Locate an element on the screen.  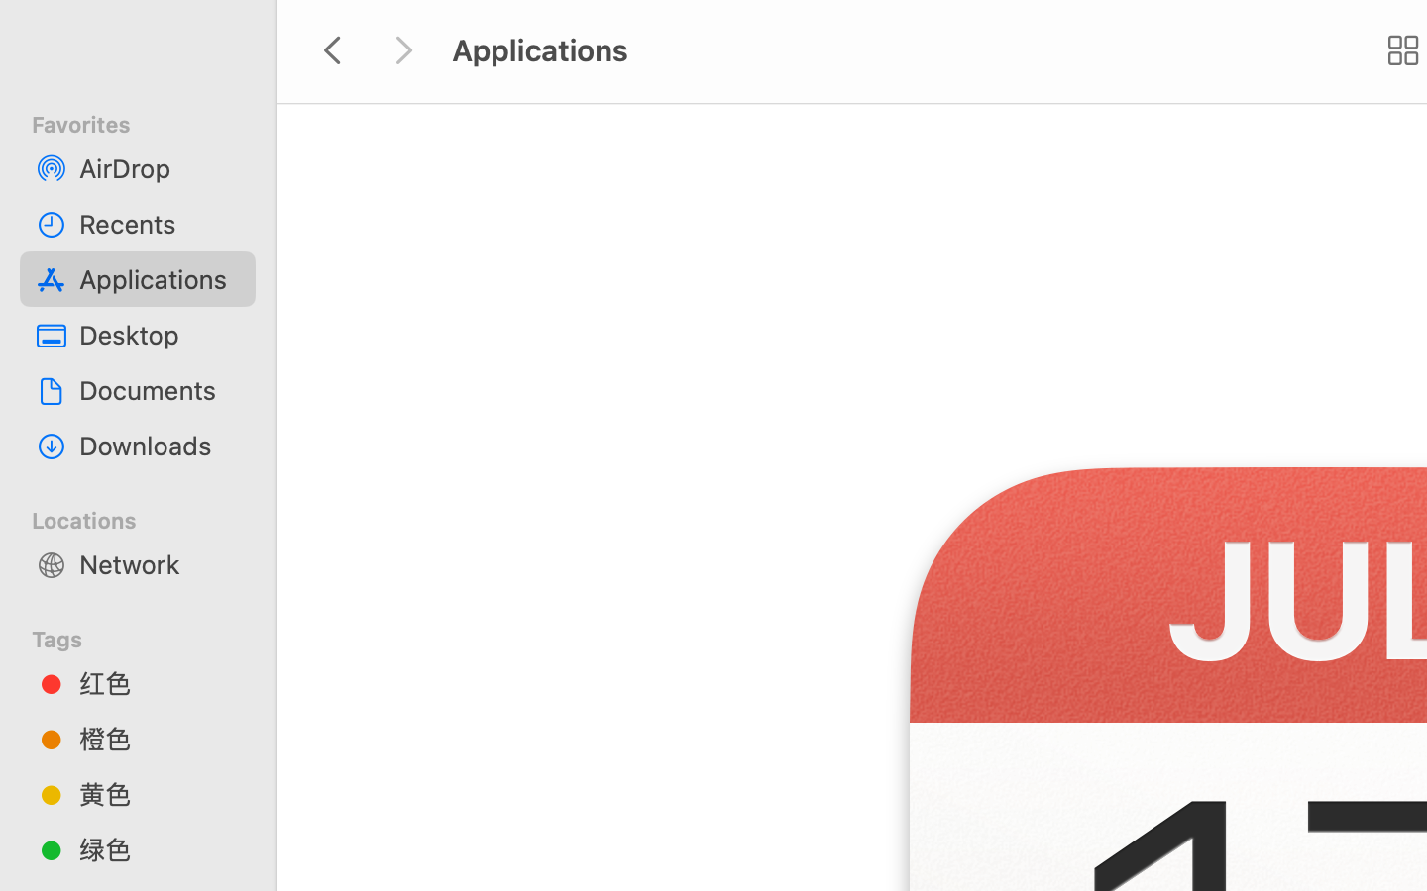
'Recents' is located at coordinates (158, 223).